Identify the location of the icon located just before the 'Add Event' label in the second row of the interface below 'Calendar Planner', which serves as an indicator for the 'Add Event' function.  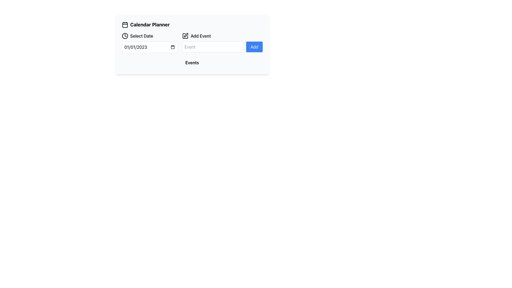
(185, 36).